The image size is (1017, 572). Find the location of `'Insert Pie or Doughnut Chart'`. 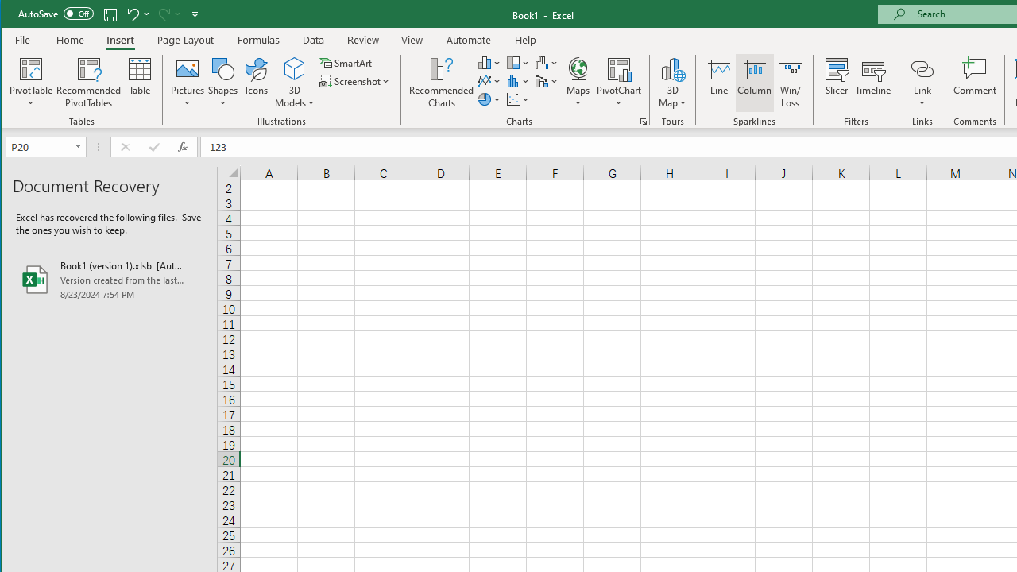

'Insert Pie or Doughnut Chart' is located at coordinates (489, 99).